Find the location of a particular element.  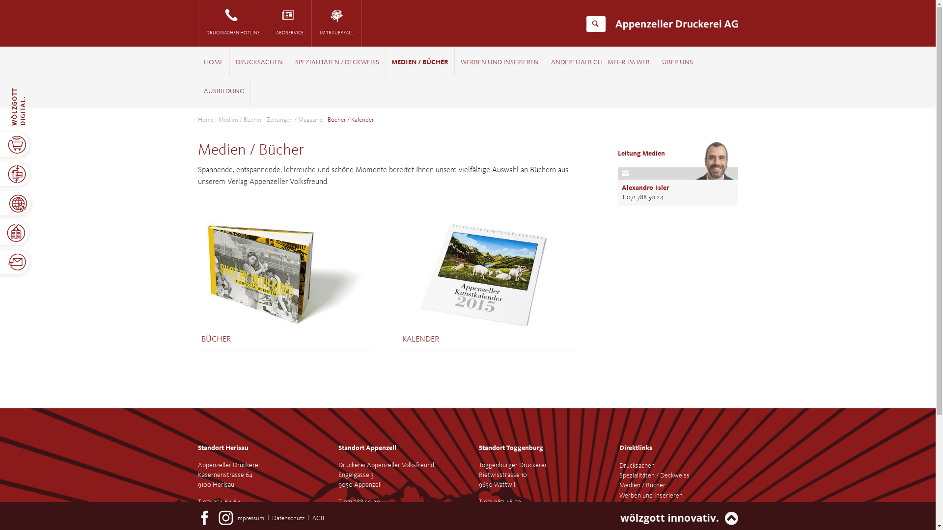

'Zeitungen / Magazine' is located at coordinates (294, 119).